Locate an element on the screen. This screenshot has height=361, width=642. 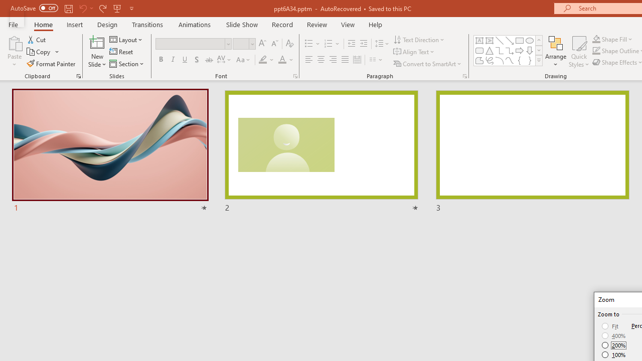
'Align Left' is located at coordinates (308, 60).